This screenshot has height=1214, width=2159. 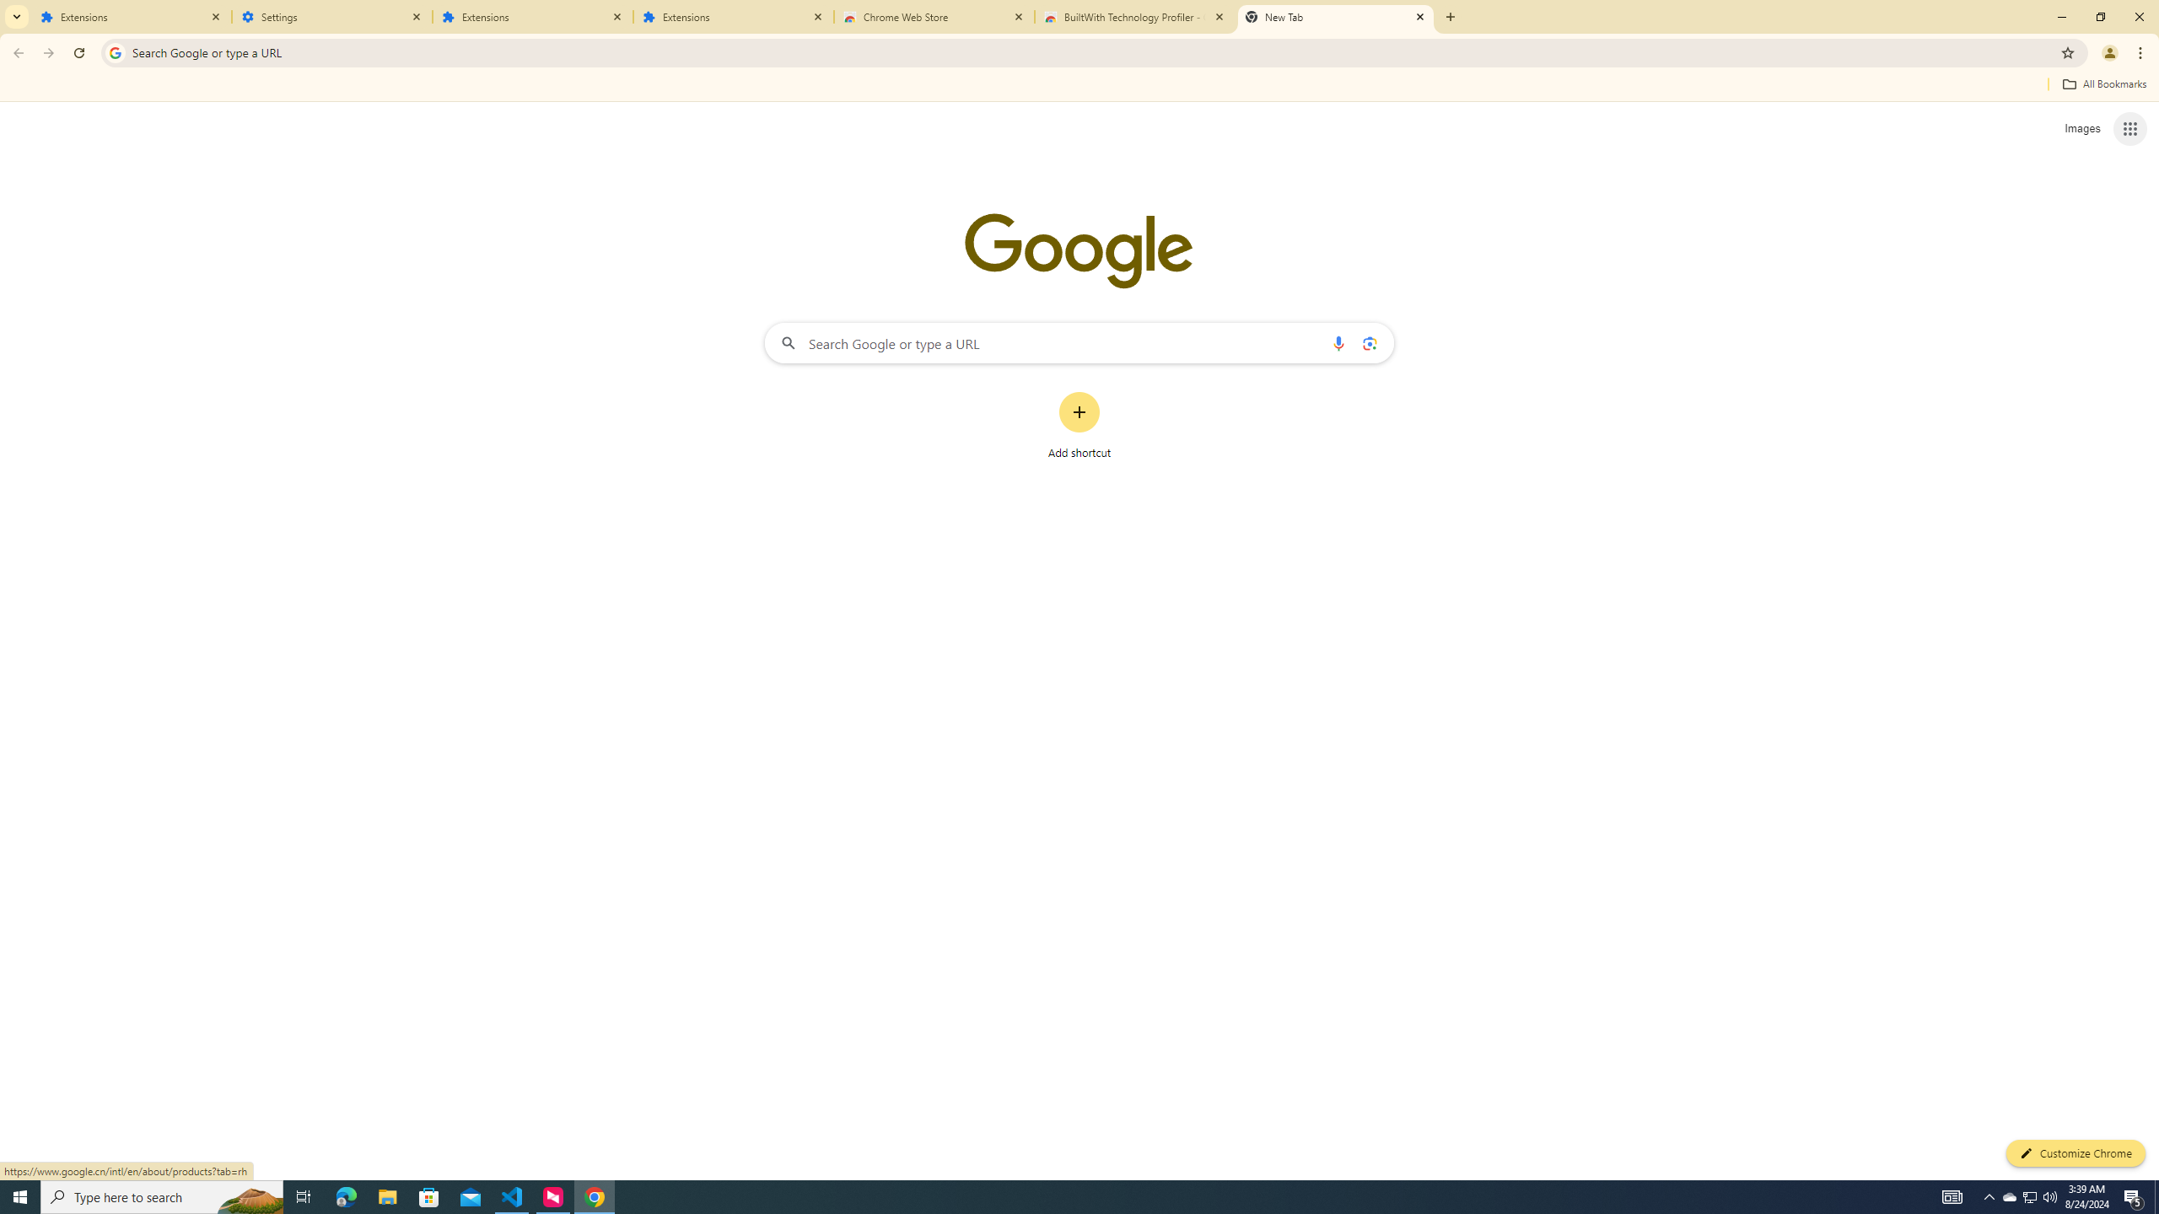 What do you see at coordinates (332, 16) in the screenshot?
I see `'Settings'` at bounding box center [332, 16].